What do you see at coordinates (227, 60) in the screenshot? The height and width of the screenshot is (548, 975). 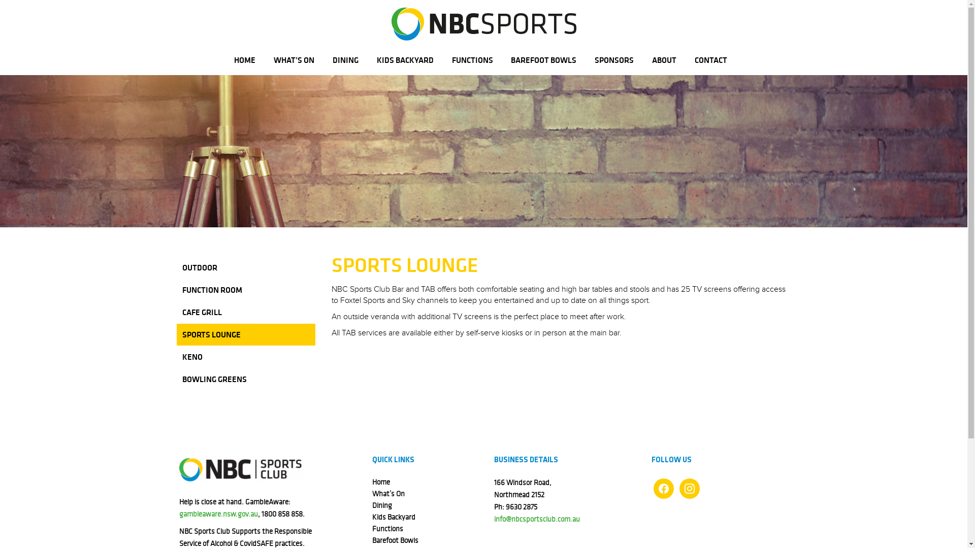 I see `'HOME'` at bounding box center [227, 60].